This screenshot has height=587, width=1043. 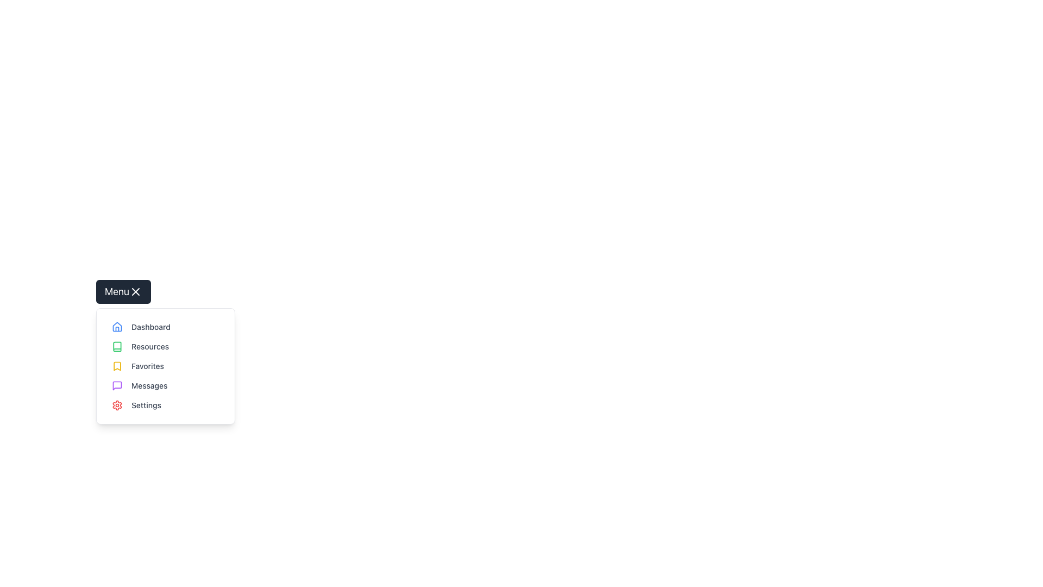 I want to click on the 'Favorites' text label, which is styled in gray with a medium font weight, located below the 'Resources' option in the vertical navigation menu, so click(x=147, y=366).